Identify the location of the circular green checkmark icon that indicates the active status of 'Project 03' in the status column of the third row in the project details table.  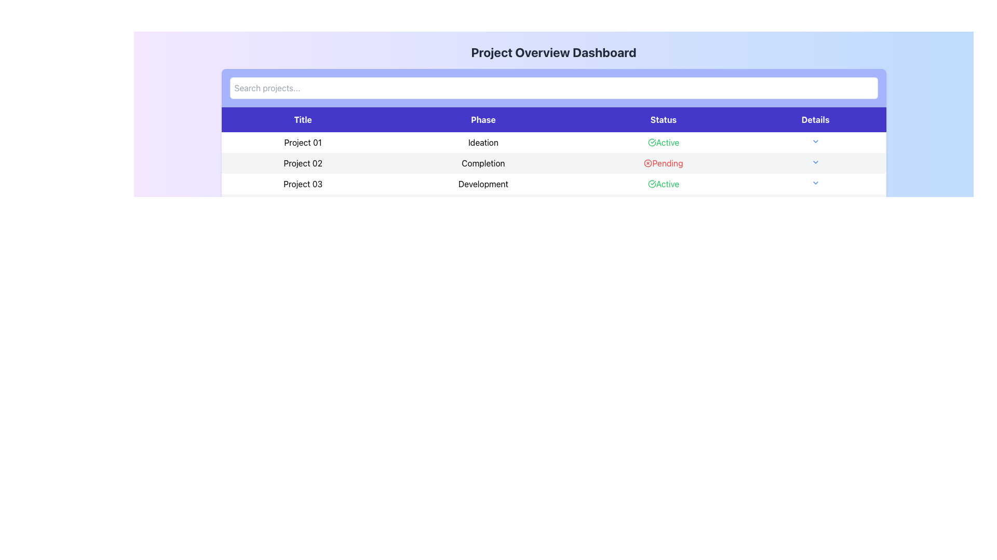
(651, 183).